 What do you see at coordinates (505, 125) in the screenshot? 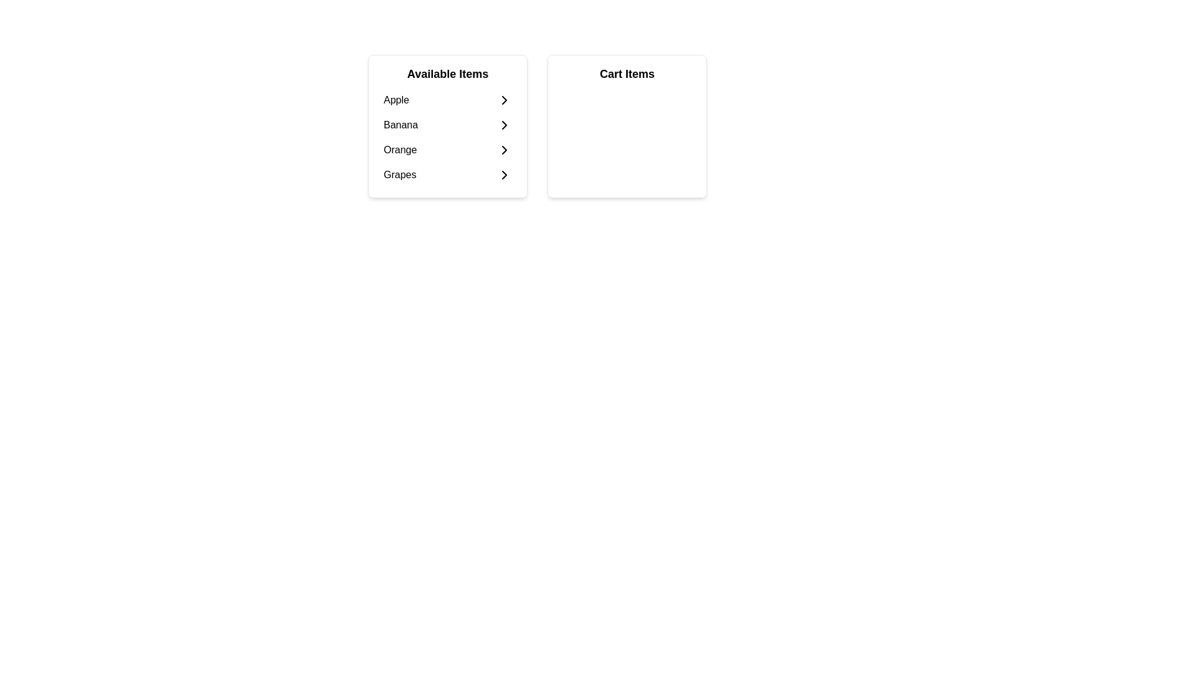
I see `the chevron icon on the right side of the 'Banana' item in the 'Available Items' section` at bounding box center [505, 125].